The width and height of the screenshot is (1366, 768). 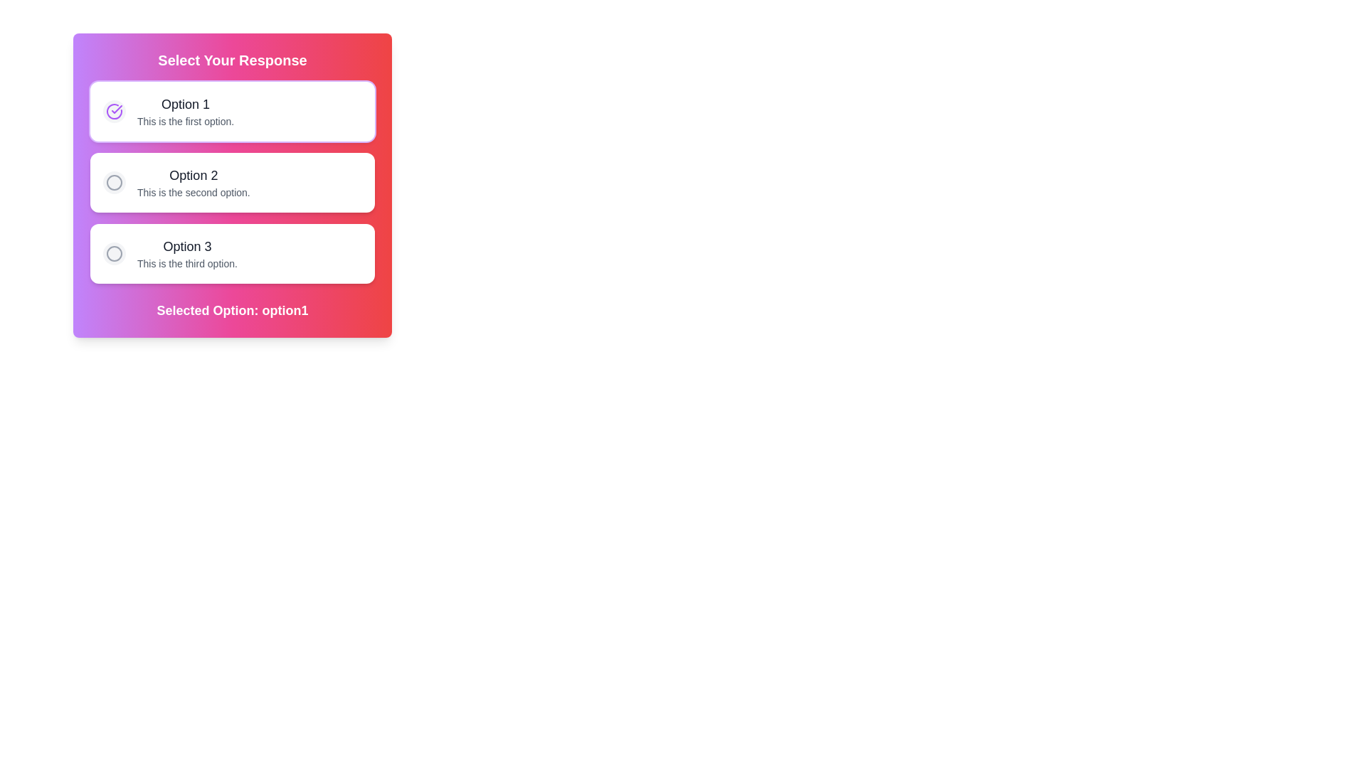 I want to click on the text label providing additional information about 'Option 3', which is located beneath the 'Option 3' text in a vertical list of options, so click(x=186, y=263).